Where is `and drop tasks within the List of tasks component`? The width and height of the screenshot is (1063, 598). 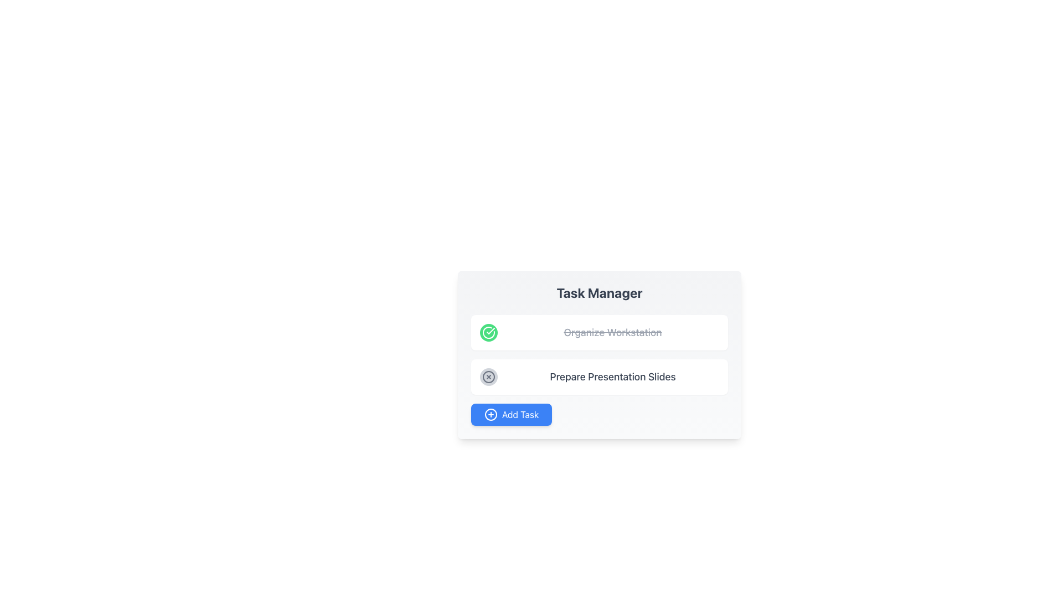 and drop tasks within the List of tasks component is located at coordinates (599, 354).